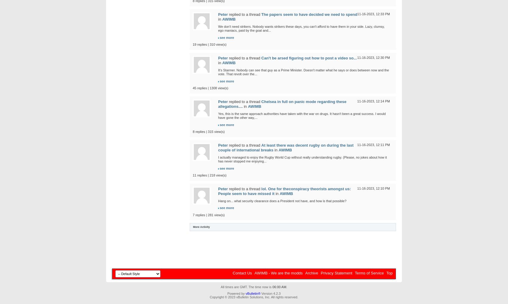  I want to click on '12:30 PM', so click(375, 57).